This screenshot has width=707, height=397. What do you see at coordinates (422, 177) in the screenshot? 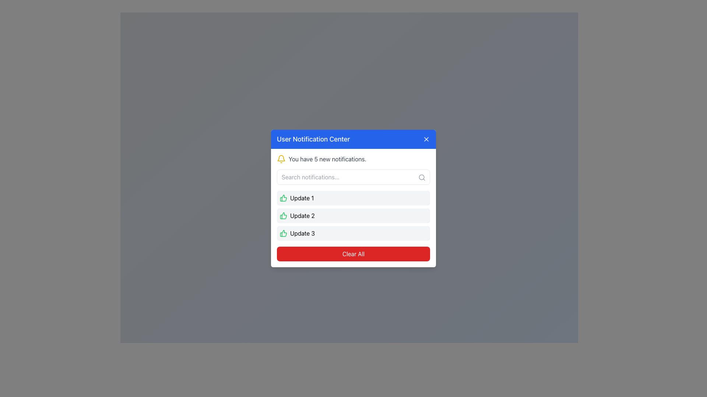
I see `the search icon resembling a magnifying glass, which is located inside the input field labeled 'Search notifications...' at the rightmost end` at bounding box center [422, 177].